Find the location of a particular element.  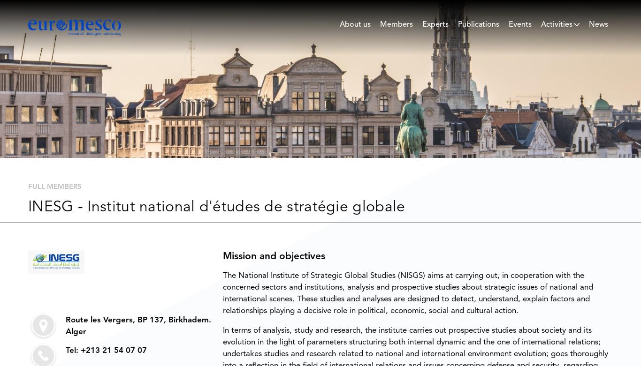

'INESG - Institut national d'études de stratégie globale' is located at coordinates (216, 206).